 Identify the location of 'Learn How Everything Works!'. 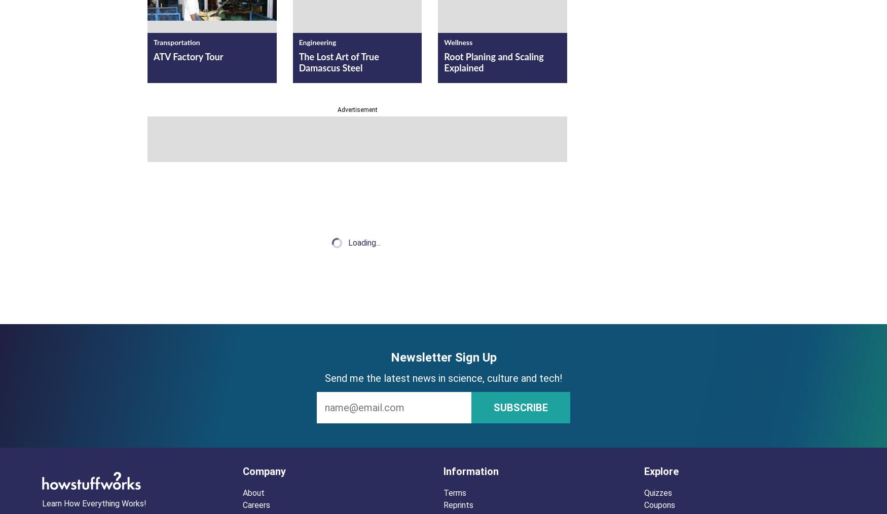
(94, 503).